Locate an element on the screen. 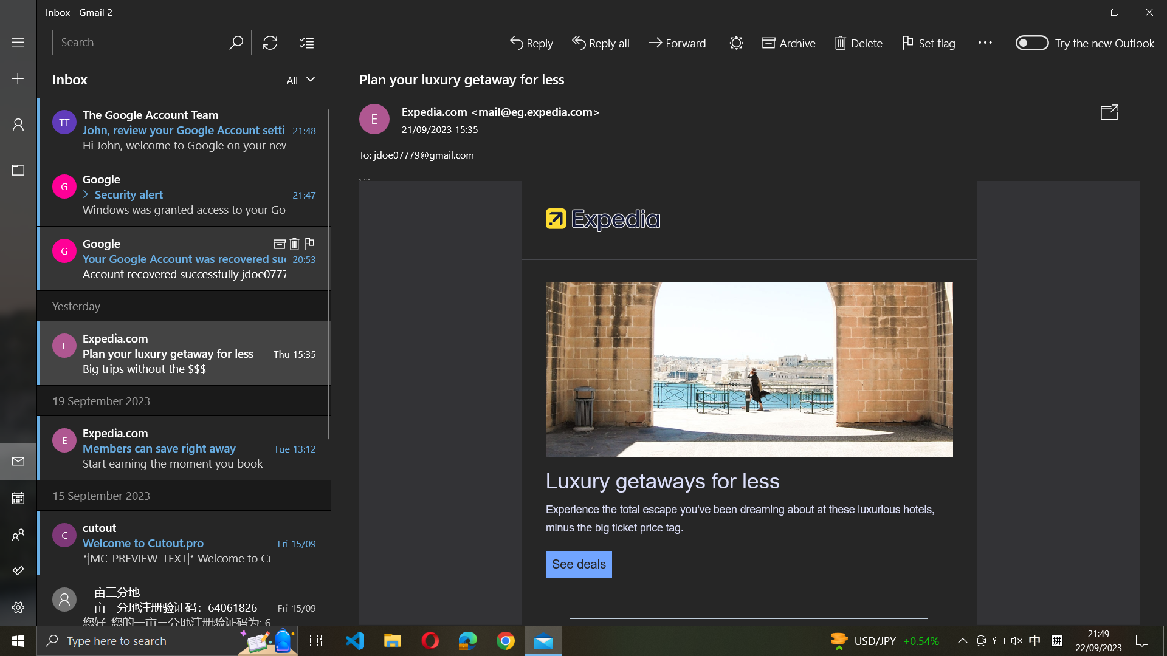 The height and width of the screenshot is (656, 1167). Forward mail from Expedia.com is located at coordinates (182, 352).